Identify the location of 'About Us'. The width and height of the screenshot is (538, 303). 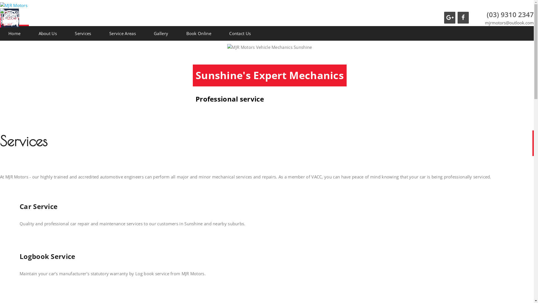
(30, 33).